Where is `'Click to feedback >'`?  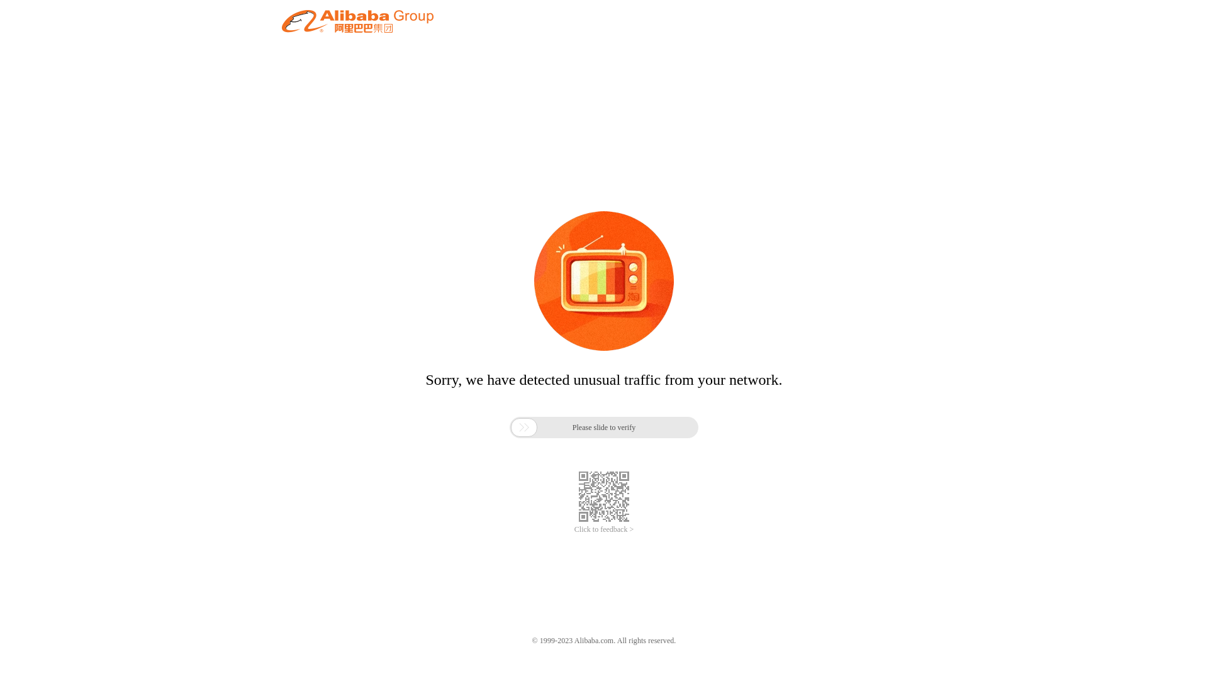 'Click to feedback >' is located at coordinates (604, 529).